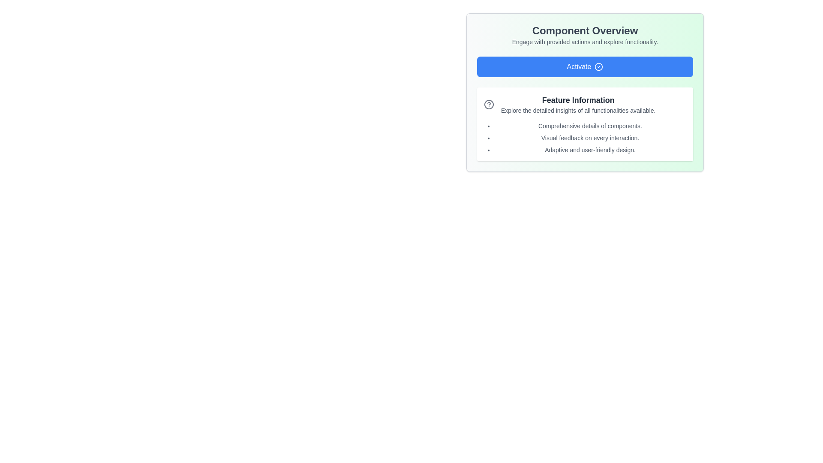 This screenshot has height=463, width=823. Describe the element at coordinates (598, 66) in the screenshot. I see `the SVG-based icon (circle with checkmark) located on the right side of the 'Activate' button to indicate successful activation` at that location.